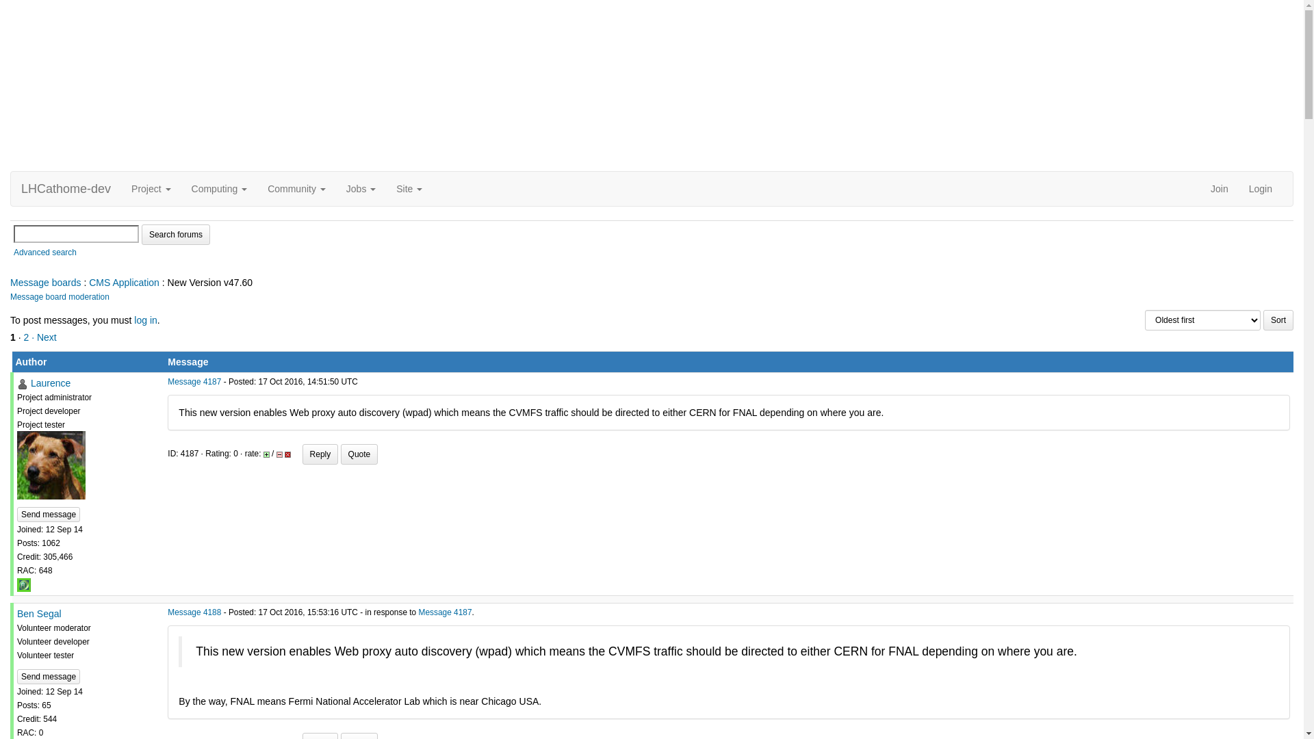  Describe the element at coordinates (50, 383) in the screenshot. I see `'Laurence'` at that location.